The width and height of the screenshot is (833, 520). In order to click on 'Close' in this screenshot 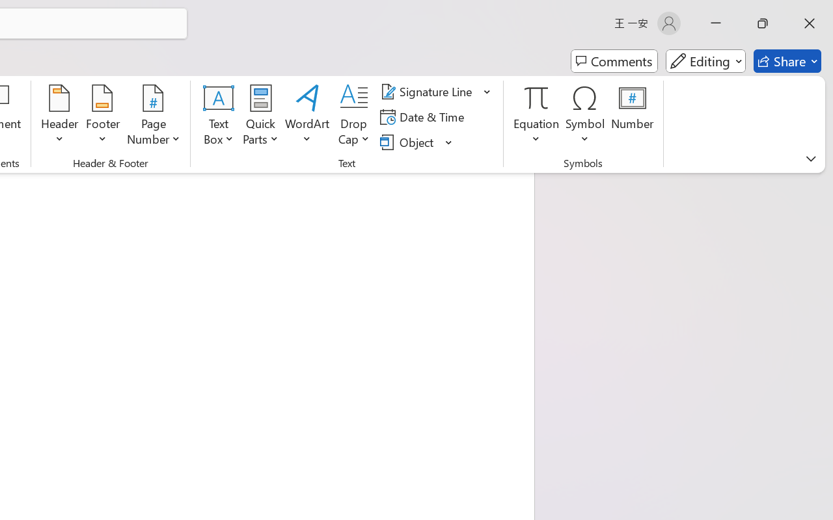, I will do `click(809, 23)`.